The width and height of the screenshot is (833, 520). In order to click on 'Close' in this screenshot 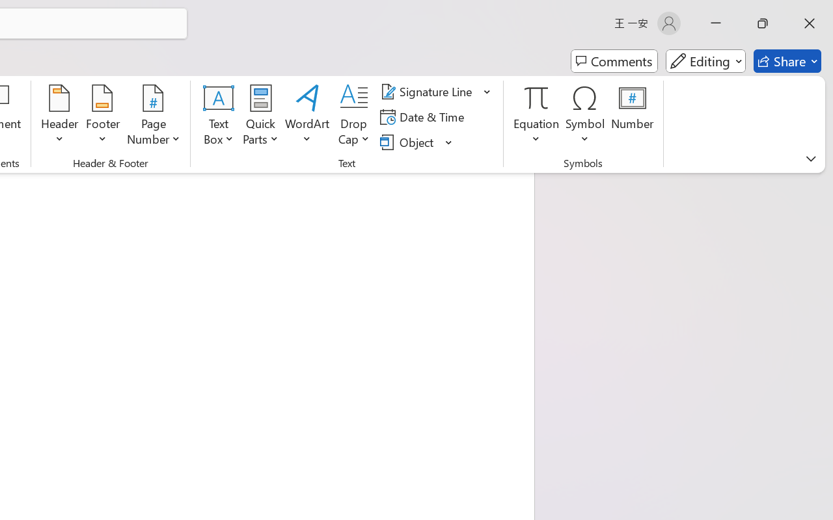, I will do `click(809, 23)`.